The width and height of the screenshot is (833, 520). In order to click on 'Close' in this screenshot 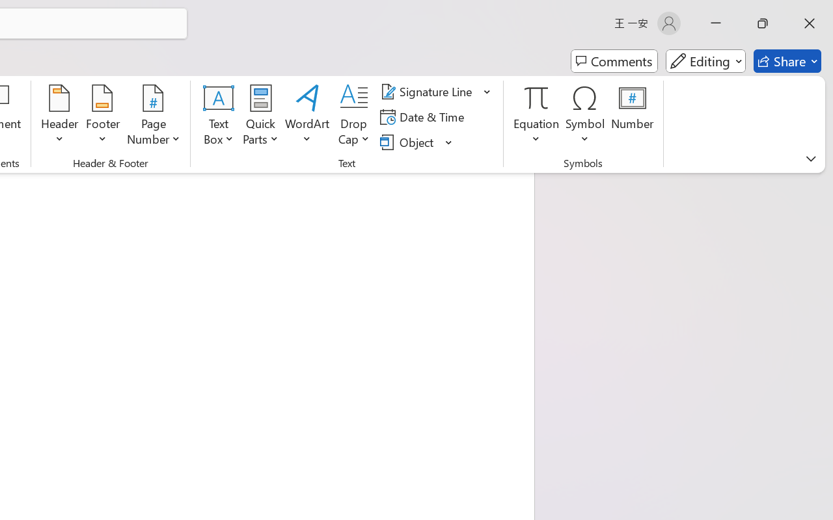, I will do `click(809, 23)`.